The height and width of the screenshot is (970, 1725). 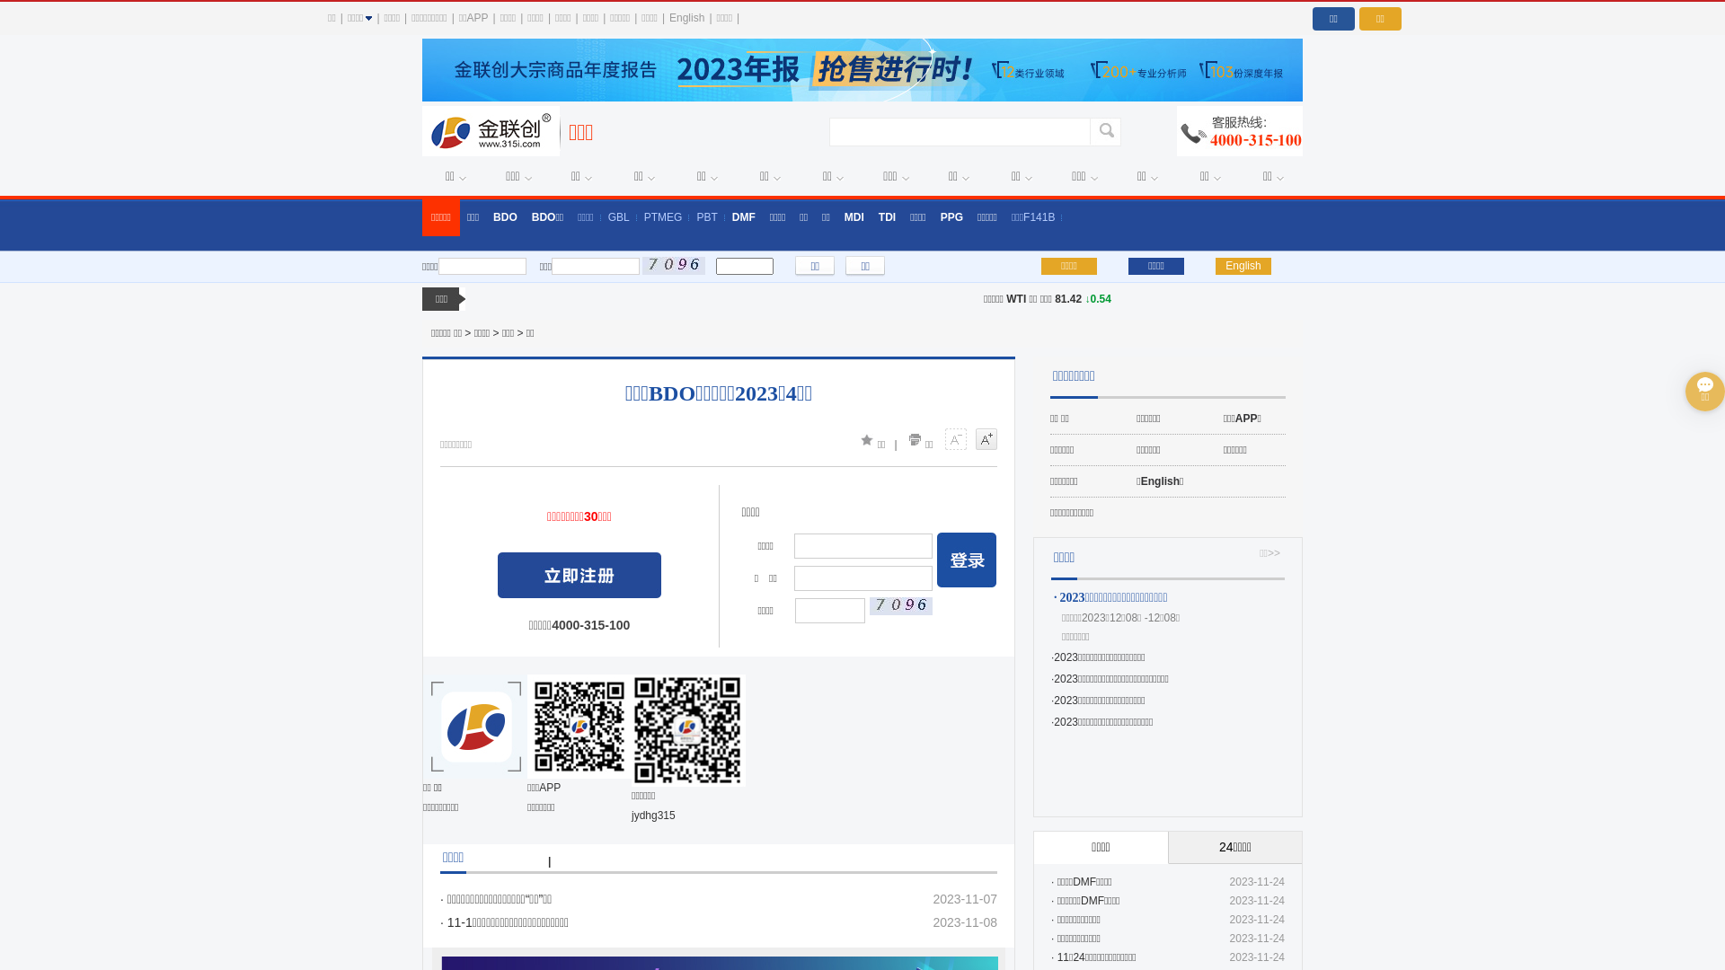 What do you see at coordinates (853, 216) in the screenshot?
I see `'MDI'` at bounding box center [853, 216].